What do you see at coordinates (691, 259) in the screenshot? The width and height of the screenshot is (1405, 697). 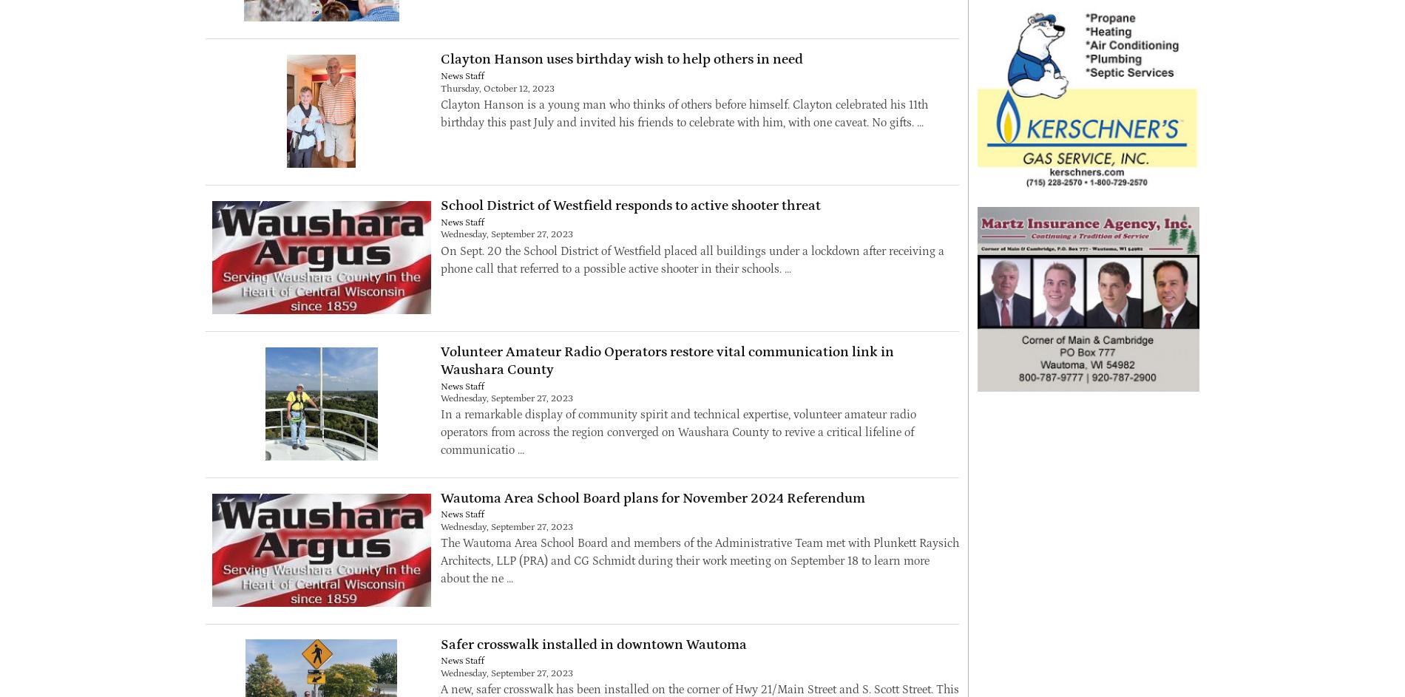 I see `'On Sept. 20 the School District of Westfield placed all buildings under a lockdown after receiving a phone call that referred to a possible active shooter in their schools.'` at bounding box center [691, 259].